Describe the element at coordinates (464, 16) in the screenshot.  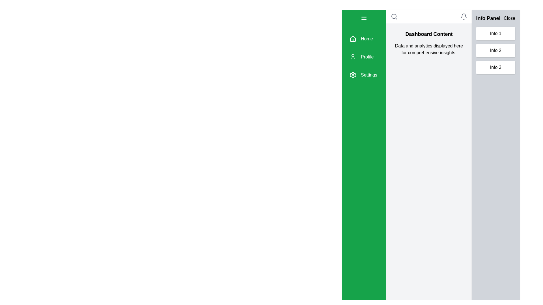
I see `the gray bell-shaped notification icon located at the top-right corner of the header bar` at that location.